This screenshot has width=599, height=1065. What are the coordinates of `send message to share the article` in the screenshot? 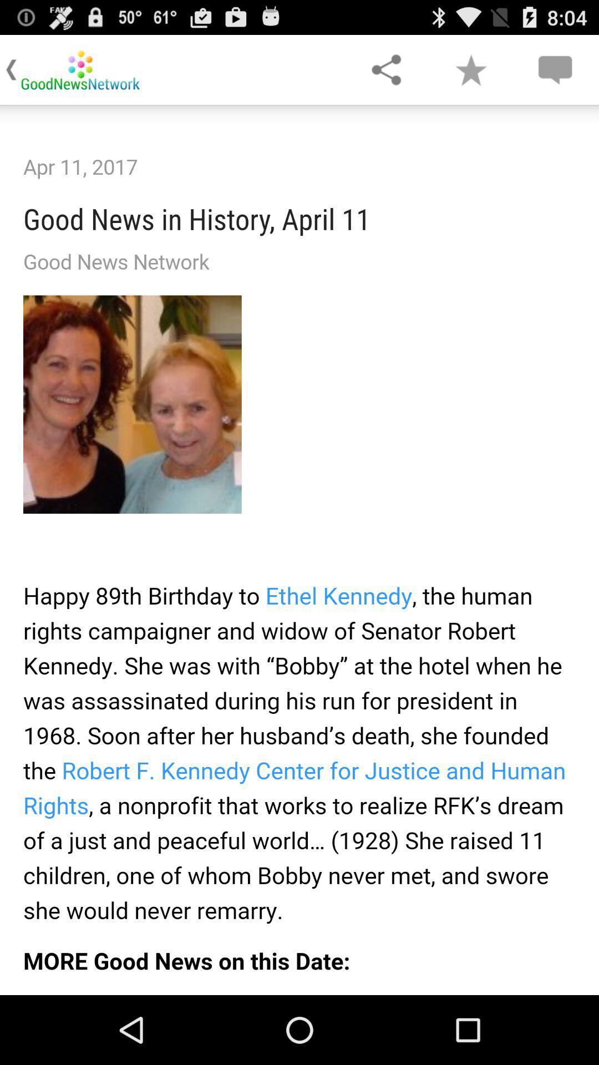 It's located at (555, 69).